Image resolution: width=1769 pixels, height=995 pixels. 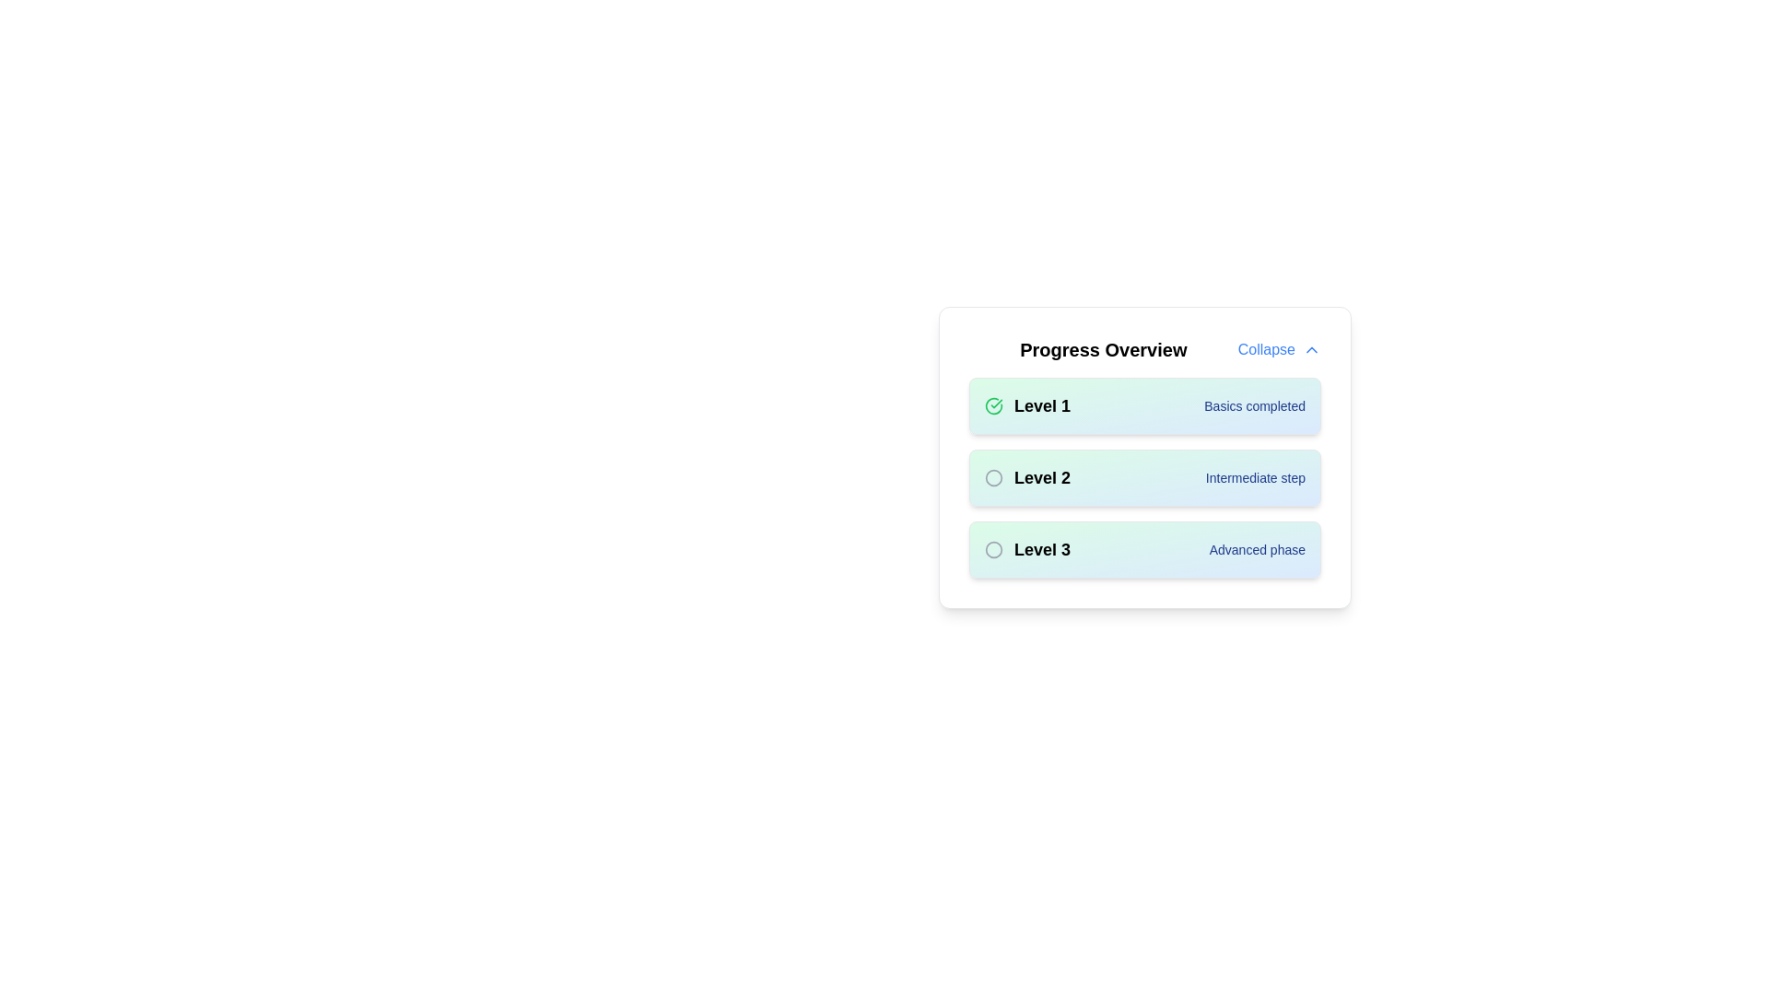 I want to click on the interactive button styled as a hyperlink located in the top-right corner of the 'Progress Overview' section, so click(x=1278, y=350).